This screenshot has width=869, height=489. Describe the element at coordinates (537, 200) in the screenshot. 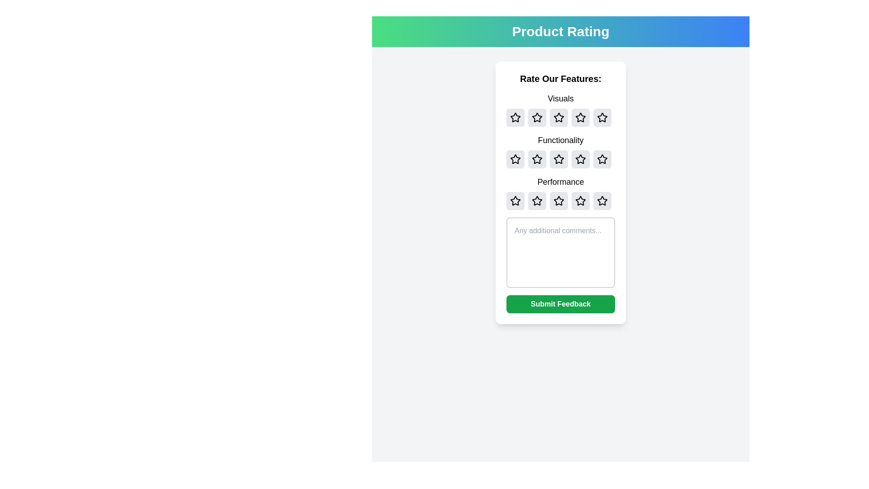

I see `the third clickable star icon in the performance rating row` at that location.